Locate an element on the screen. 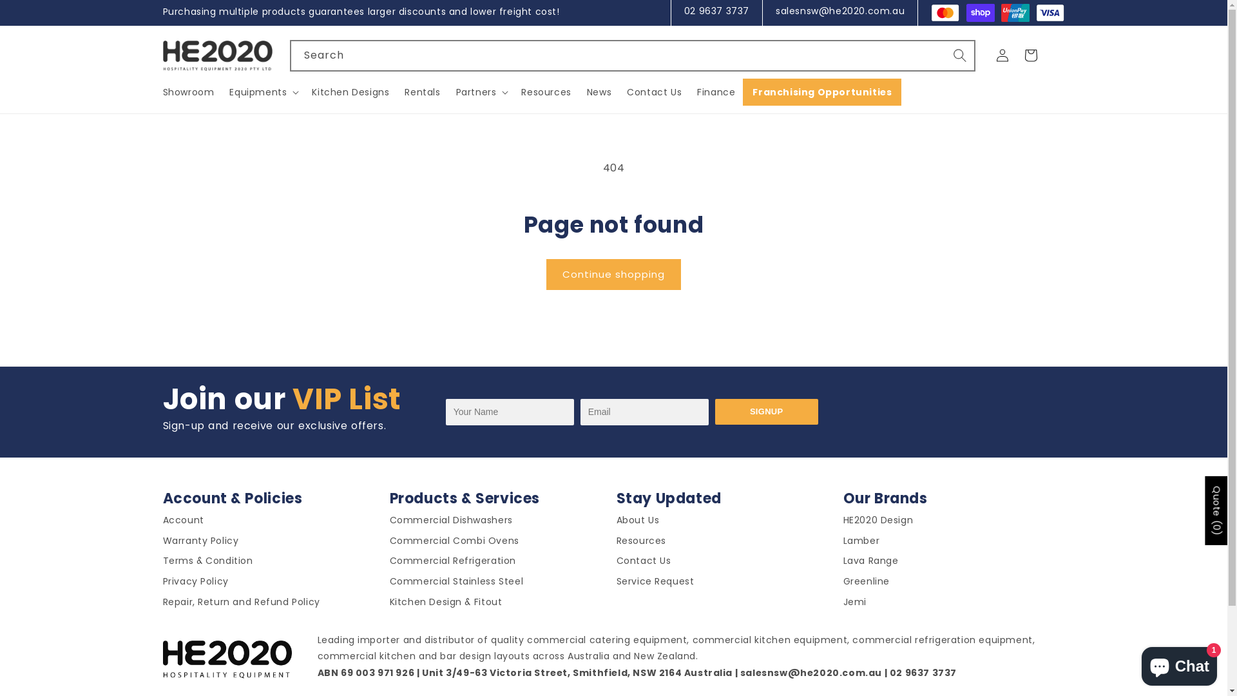  'Commercial Dishwashers' is located at coordinates (450, 523).